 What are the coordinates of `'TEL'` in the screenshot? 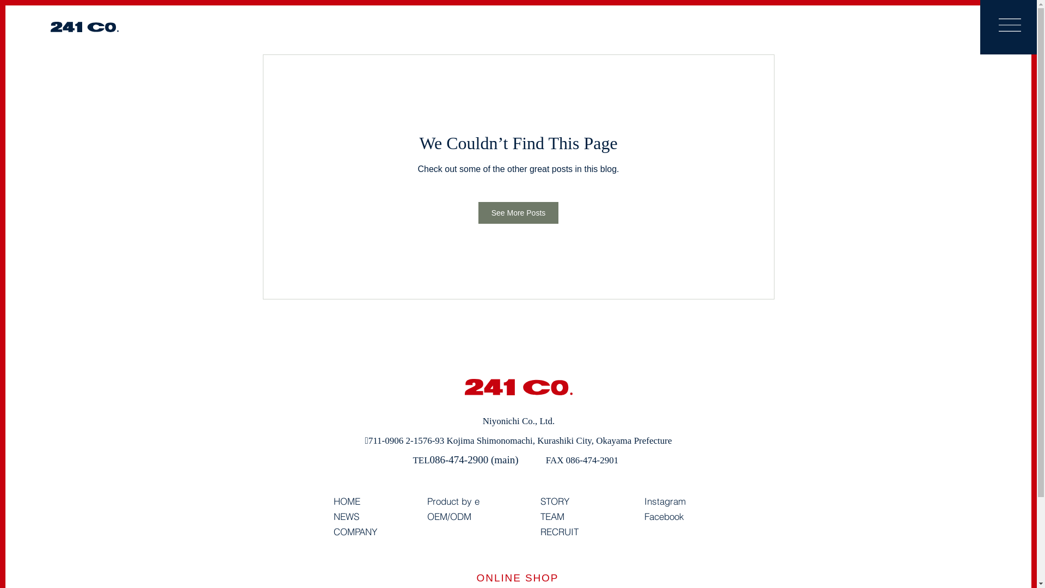 It's located at (420, 460).